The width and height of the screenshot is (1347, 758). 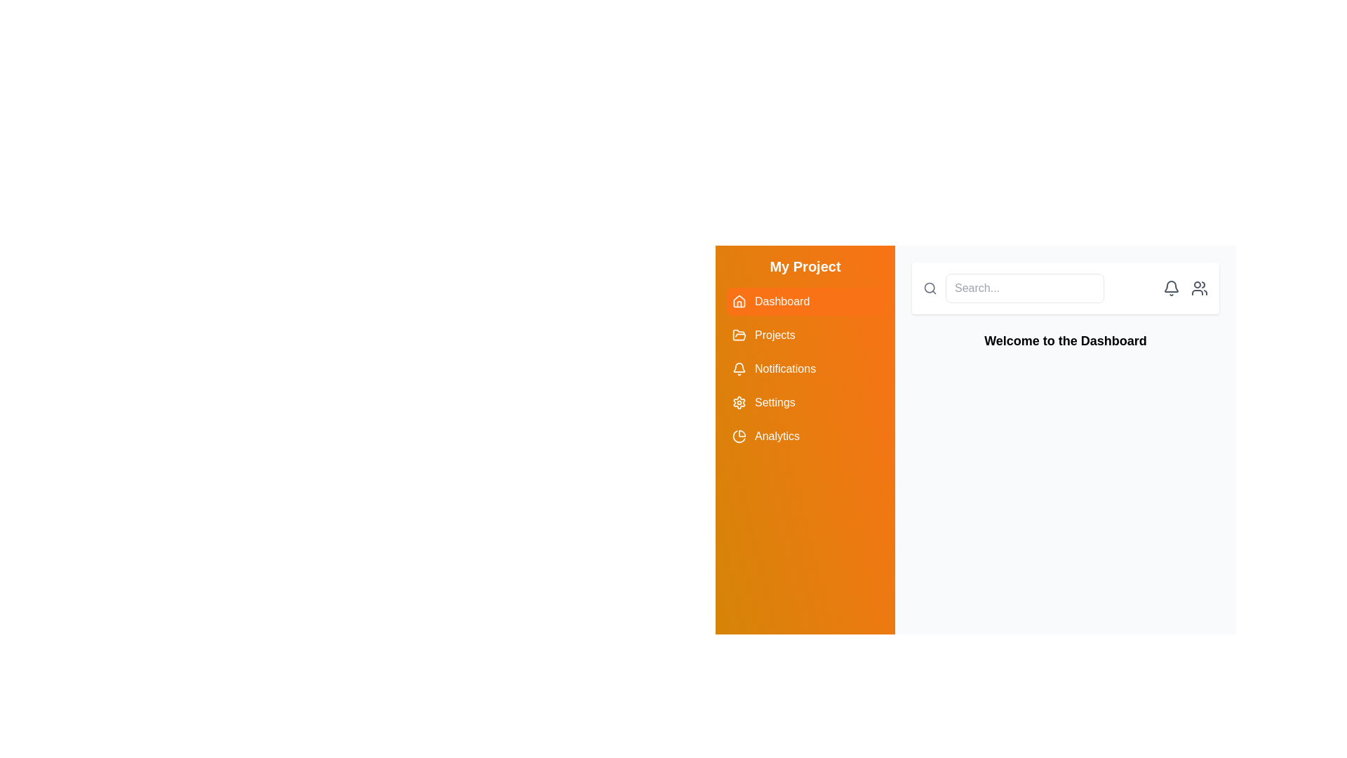 I want to click on the 'Projects' button, so click(x=805, y=335).